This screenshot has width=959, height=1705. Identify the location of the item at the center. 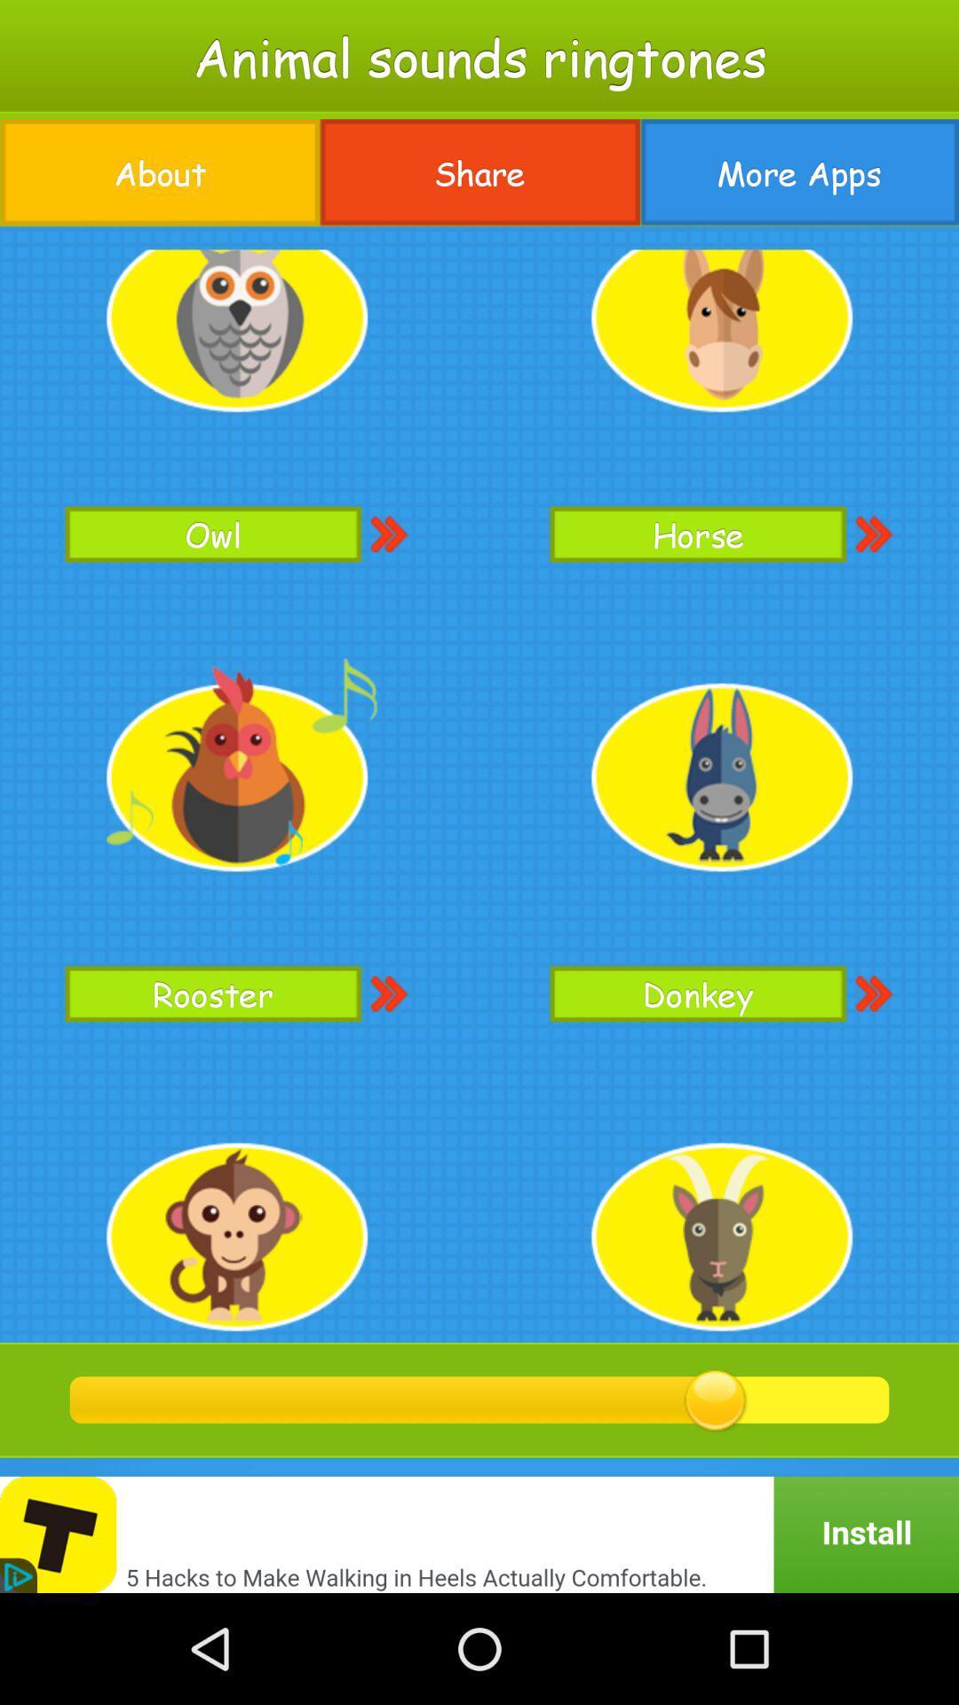
(479, 783).